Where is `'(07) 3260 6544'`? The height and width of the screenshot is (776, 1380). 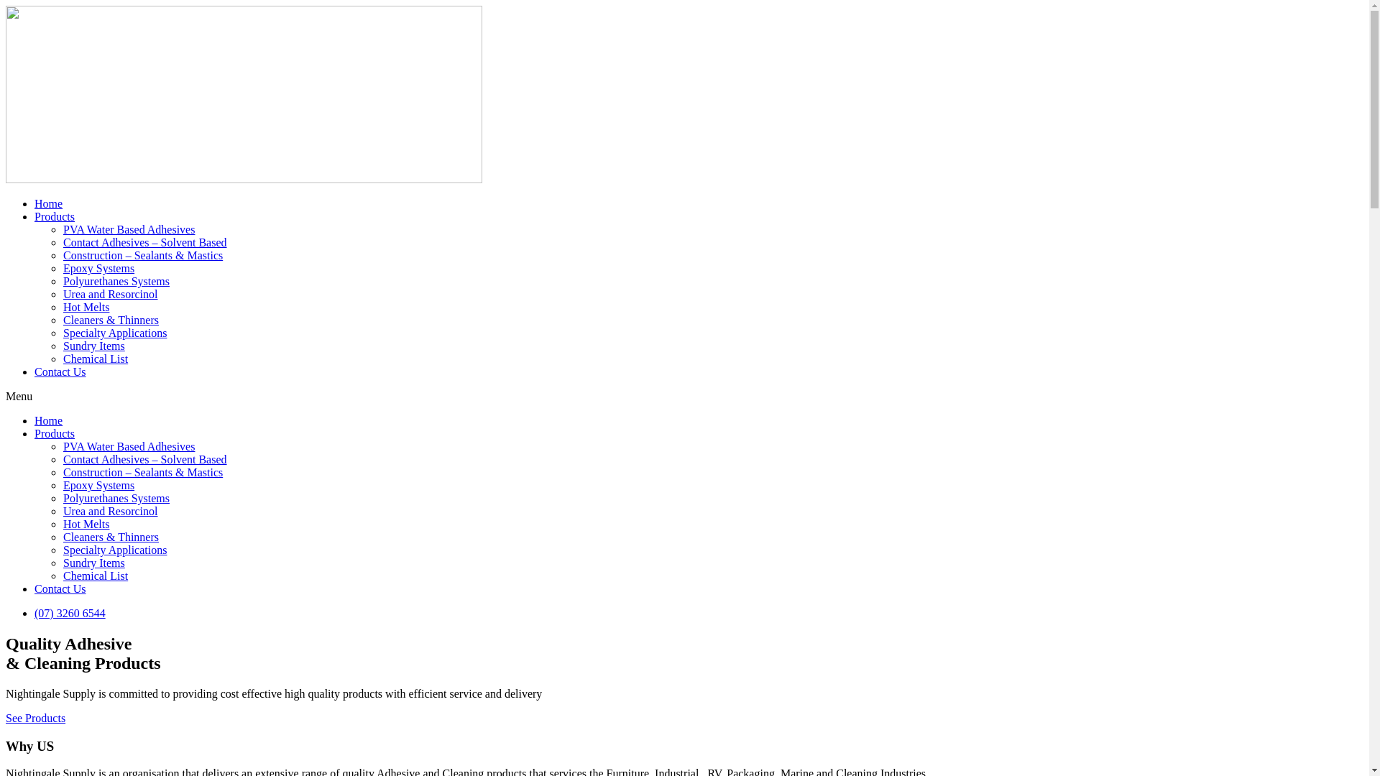
'(07) 3260 6544' is located at coordinates (69, 613).